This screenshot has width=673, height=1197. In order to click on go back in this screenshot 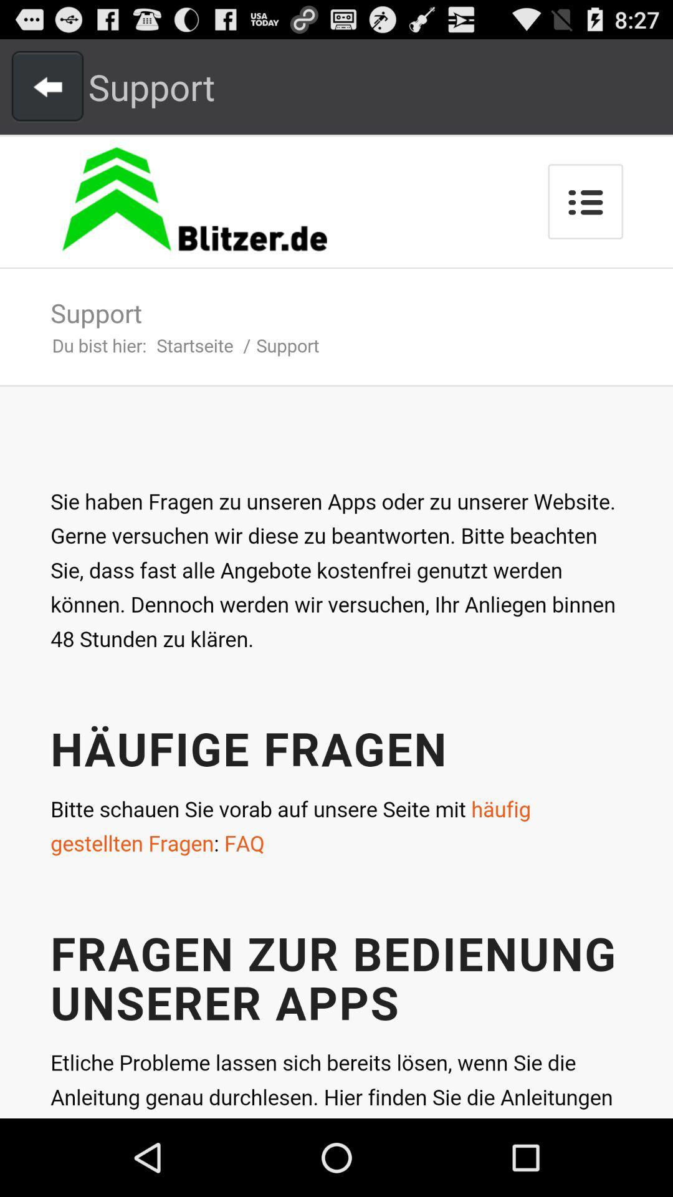, I will do `click(47, 86)`.